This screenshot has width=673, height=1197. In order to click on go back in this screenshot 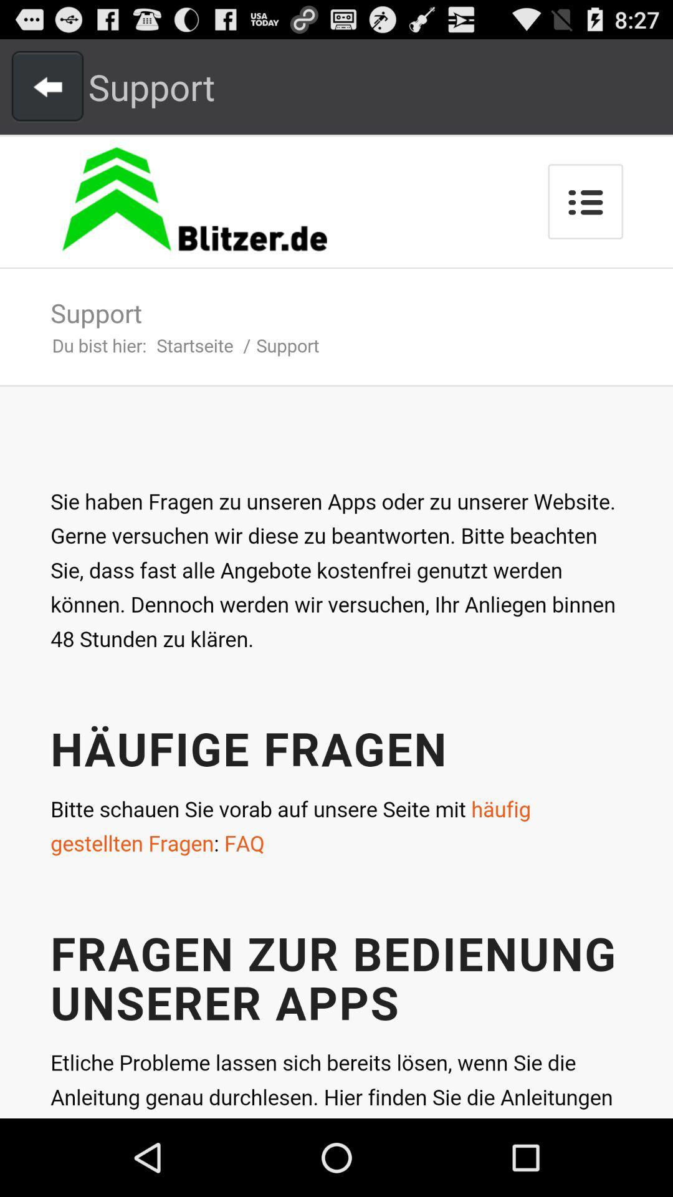, I will do `click(47, 86)`.